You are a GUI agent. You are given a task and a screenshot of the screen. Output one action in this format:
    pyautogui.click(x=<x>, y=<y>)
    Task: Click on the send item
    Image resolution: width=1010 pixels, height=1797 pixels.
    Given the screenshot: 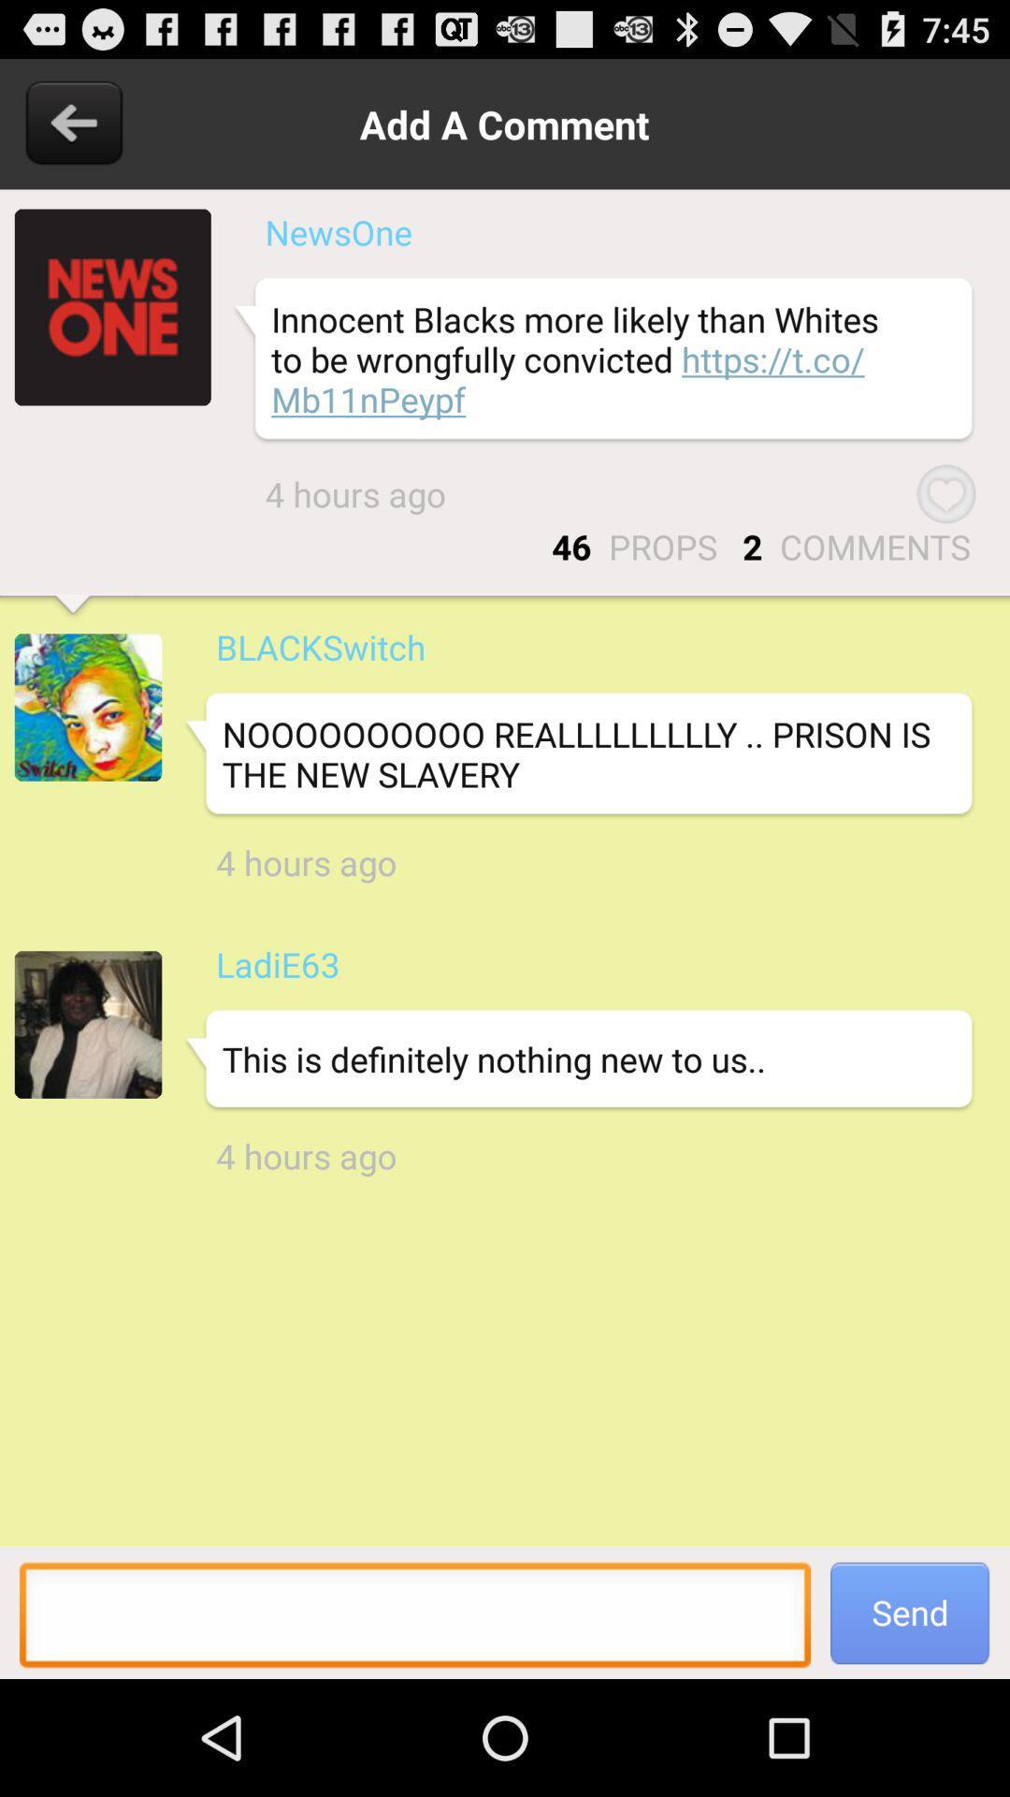 What is the action you would take?
    pyautogui.click(x=909, y=1612)
    